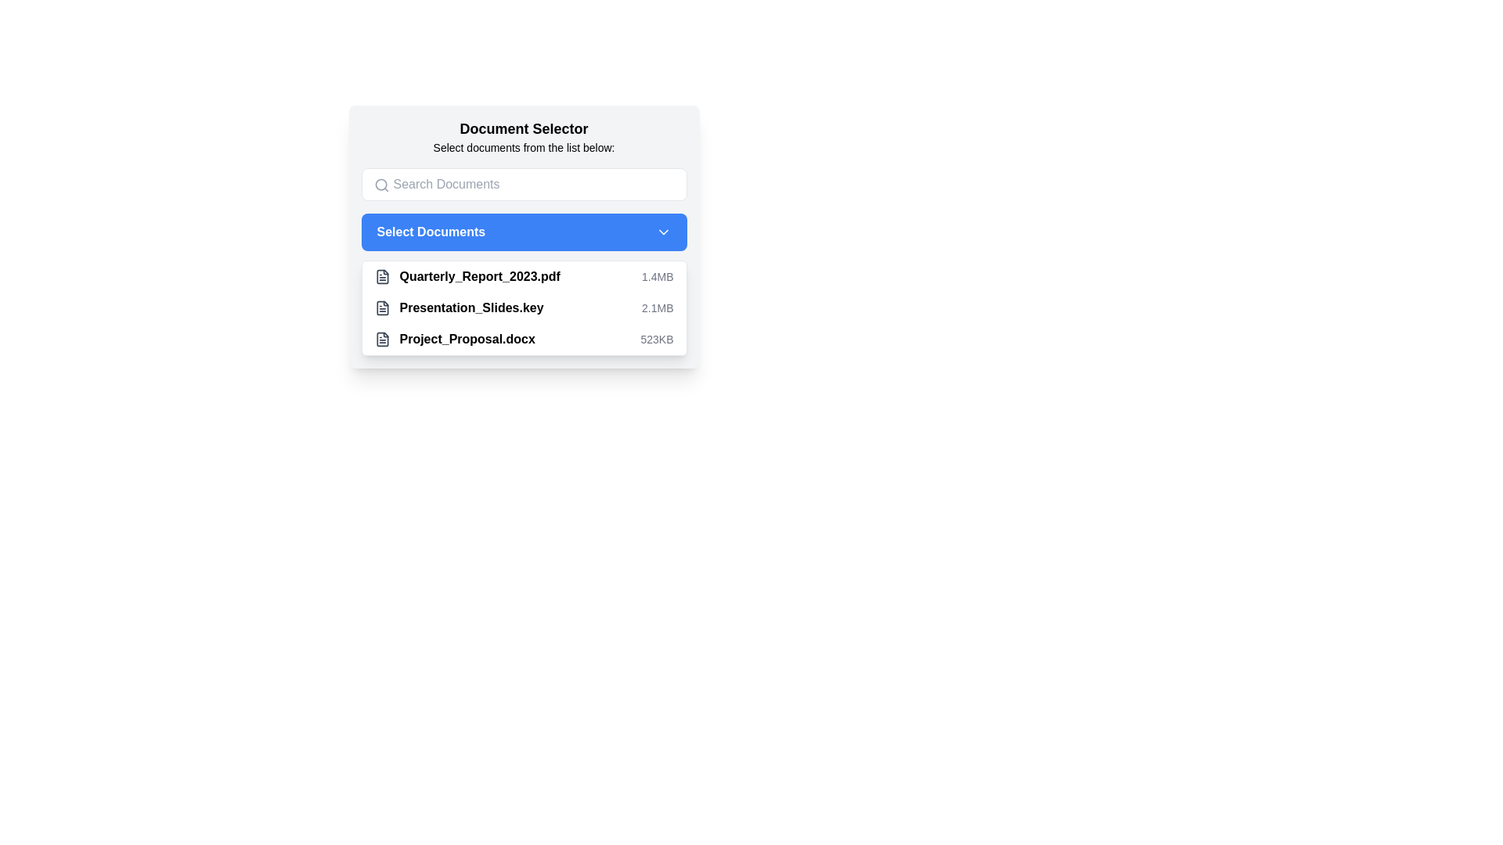 Image resolution: width=1503 pixels, height=845 pixels. What do you see at coordinates (524, 237) in the screenshot?
I see `the blue button labeled 'Select Documents'` at bounding box center [524, 237].